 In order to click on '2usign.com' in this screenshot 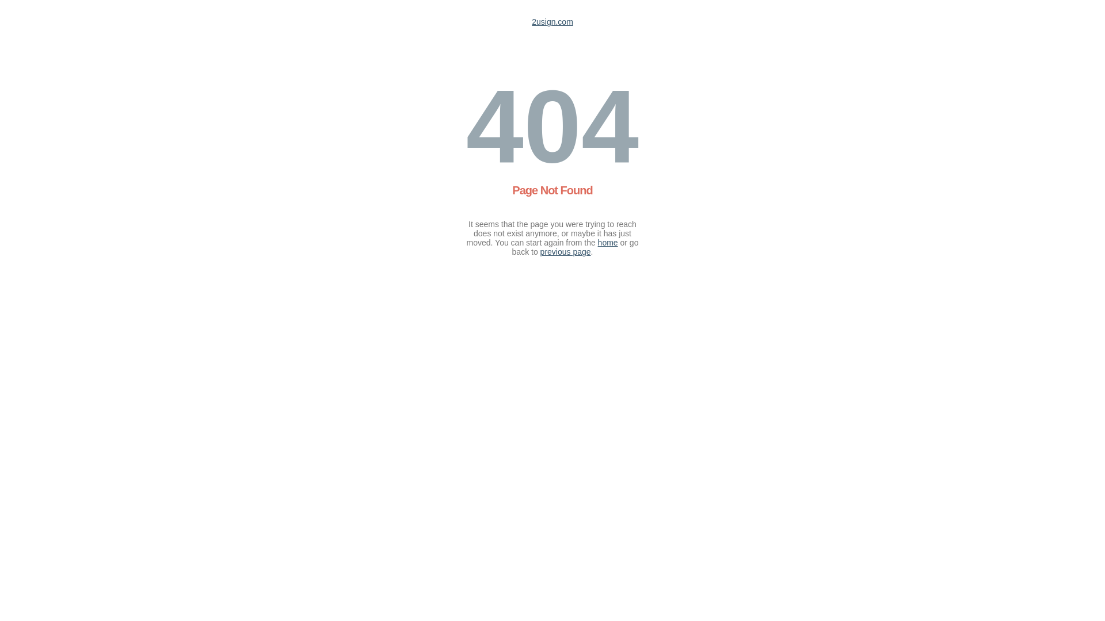, I will do `click(552, 22)`.